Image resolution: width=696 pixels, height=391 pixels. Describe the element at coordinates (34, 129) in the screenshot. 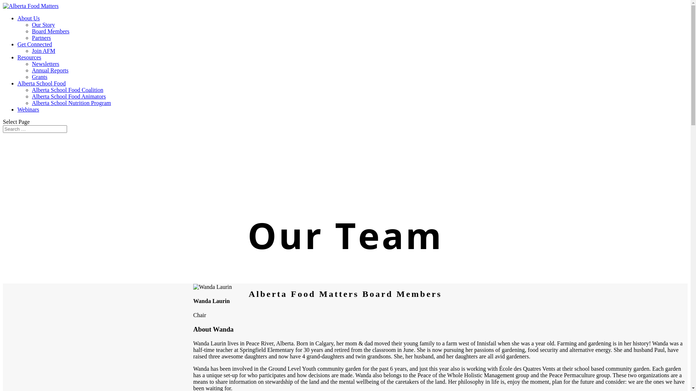

I see `'Search for:'` at that location.